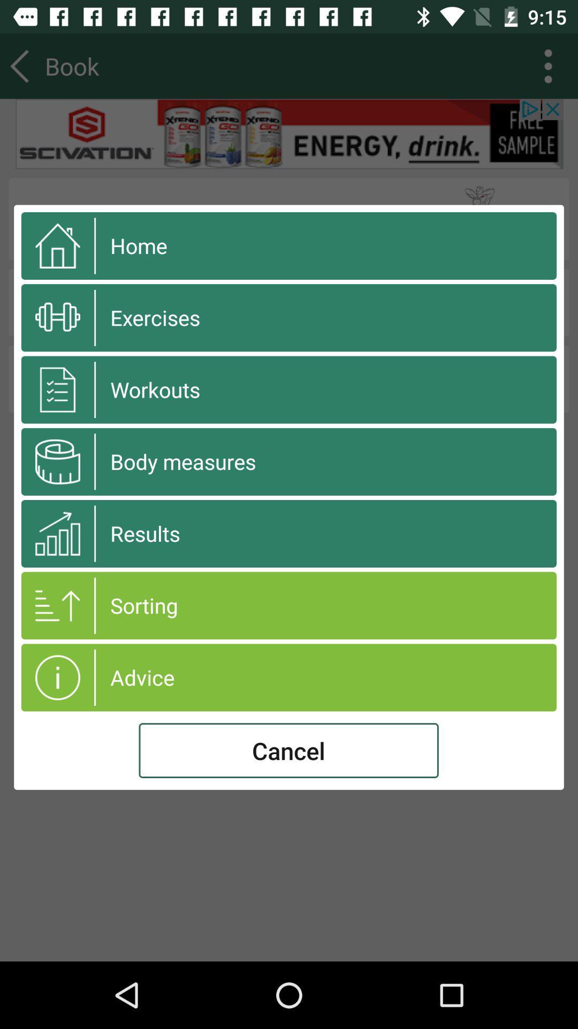 This screenshot has width=578, height=1029. Describe the element at coordinates (288, 750) in the screenshot. I see `the button at the bottom` at that location.